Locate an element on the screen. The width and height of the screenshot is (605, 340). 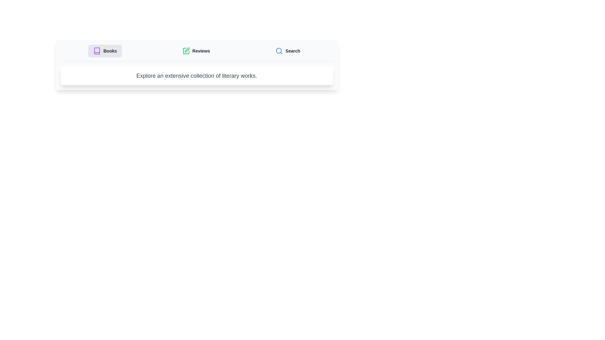
the tab labeled Reviews to observe its hover effect is located at coordinates (196, 51).